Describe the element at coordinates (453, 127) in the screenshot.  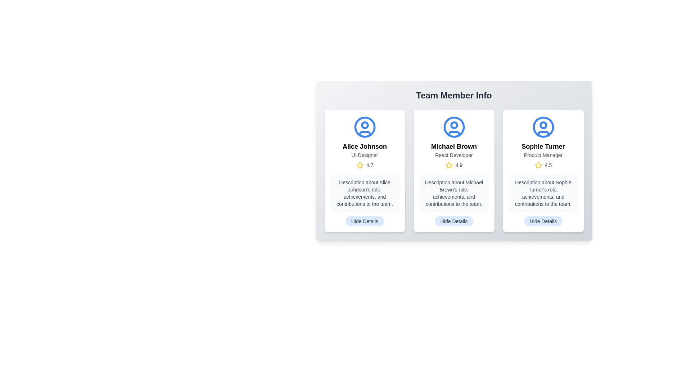
I see `the decorative icon representing the user profile for 'Michael Brown', which is located at the top-middle of the card above the title 'React Developer'` at that location.